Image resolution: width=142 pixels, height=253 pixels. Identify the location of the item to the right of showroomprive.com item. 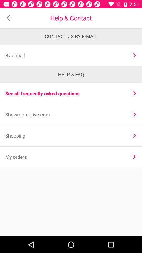
(134, 114).